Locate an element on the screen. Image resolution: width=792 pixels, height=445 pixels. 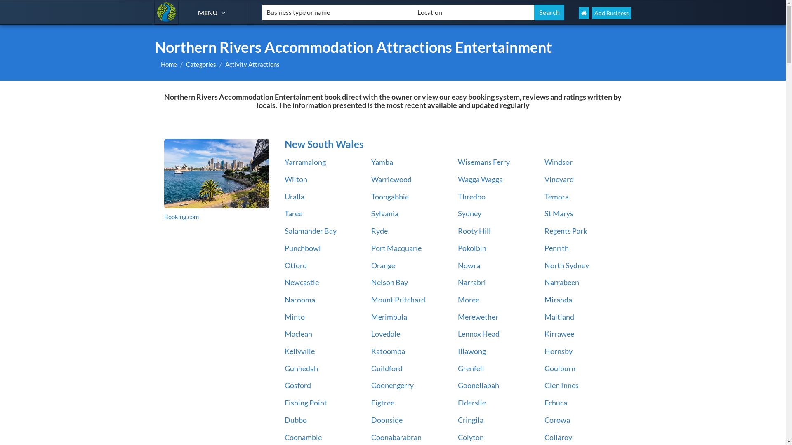
'Newcastle' is located at coordinates (301, 282).